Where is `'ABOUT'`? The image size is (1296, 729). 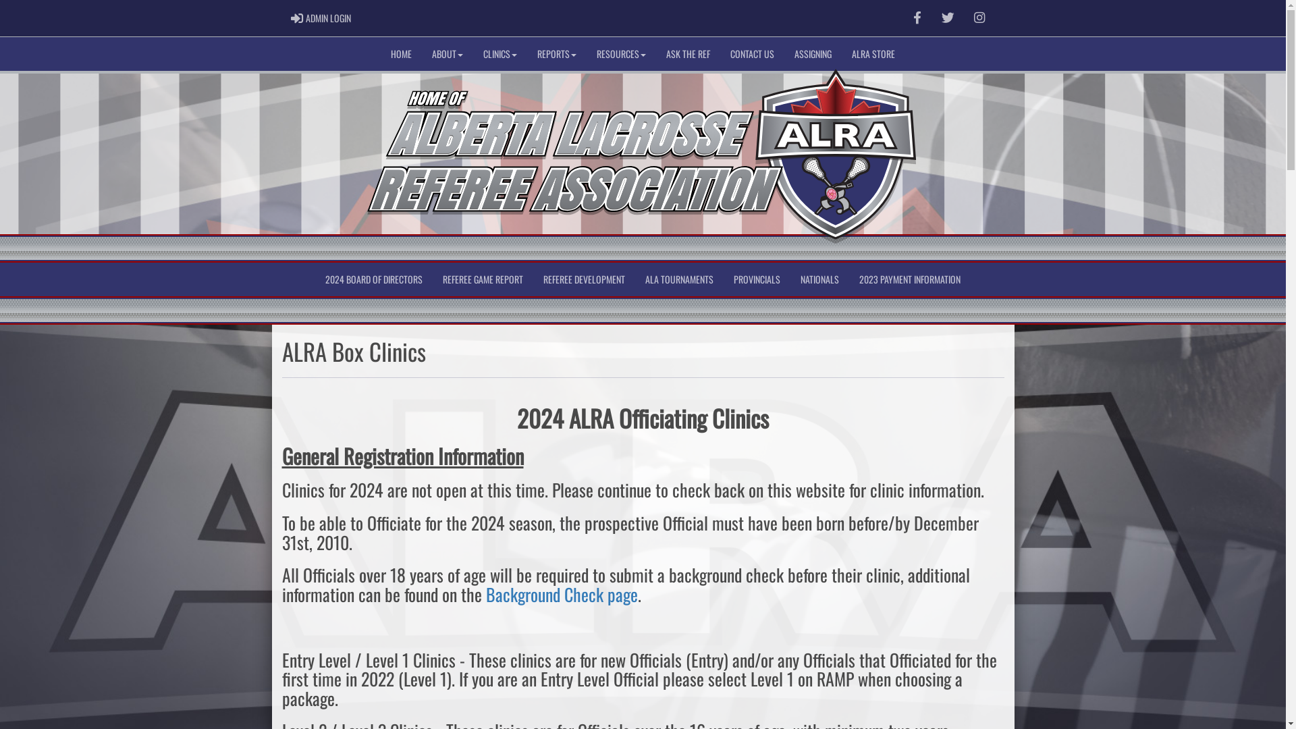
'ABOUT' is located at coordinates (421, 53).